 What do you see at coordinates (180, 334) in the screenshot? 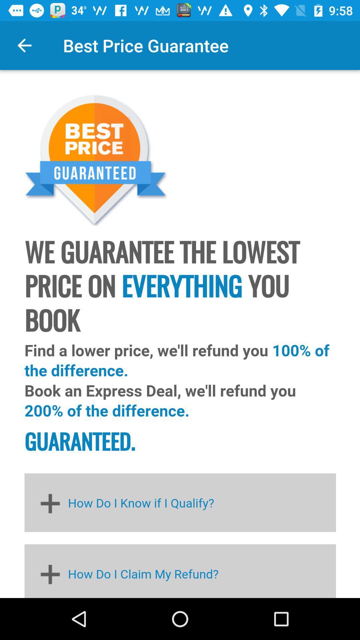
I see `description` at bounding box center [180, 334].